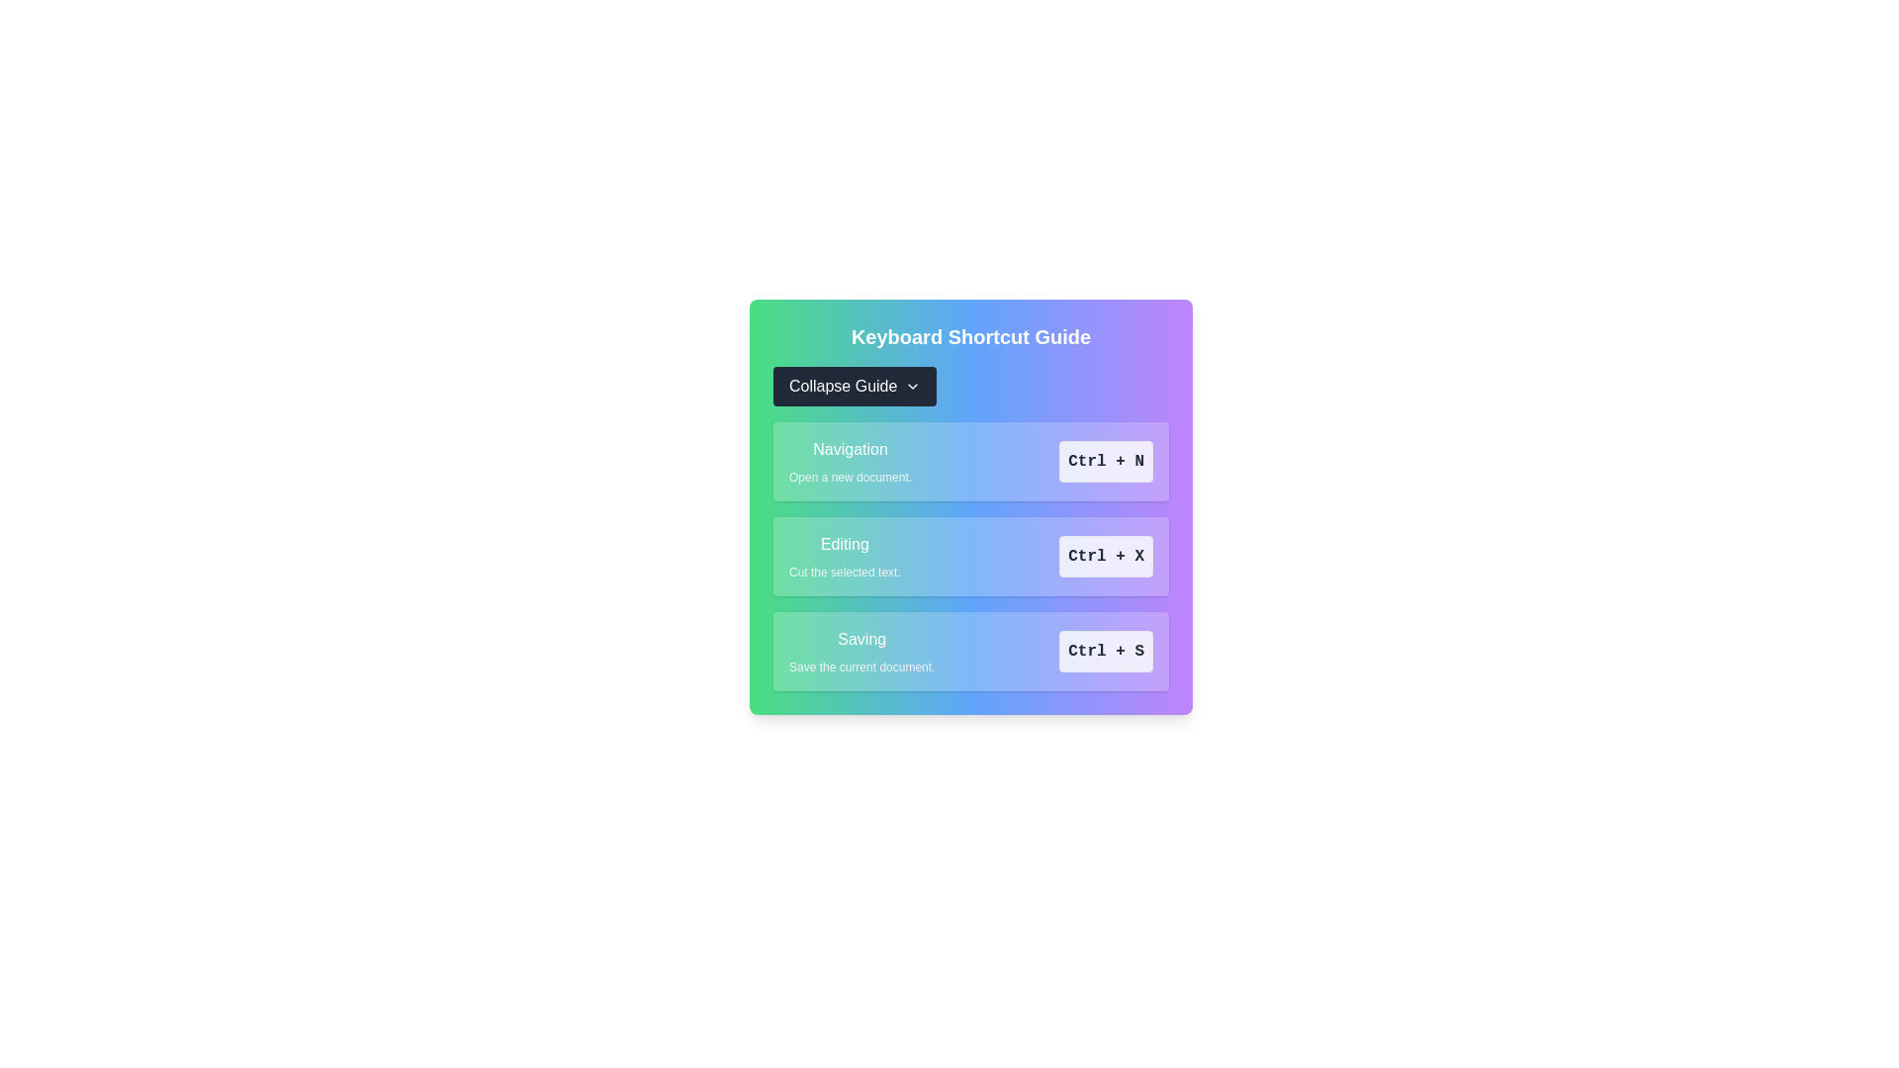  I want to click on the second item in the list of keyboard shortcut guides, which provides information about a specific keyboard shortcut and its key combination, so click(971, 506).